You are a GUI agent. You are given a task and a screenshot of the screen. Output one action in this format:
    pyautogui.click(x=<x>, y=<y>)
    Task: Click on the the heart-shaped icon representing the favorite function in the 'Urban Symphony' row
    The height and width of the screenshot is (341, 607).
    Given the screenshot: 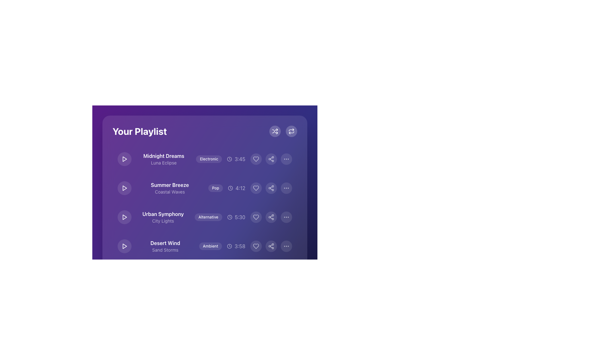 What is the action you would take?
    pyautogui.click(x=256, y=217)
    